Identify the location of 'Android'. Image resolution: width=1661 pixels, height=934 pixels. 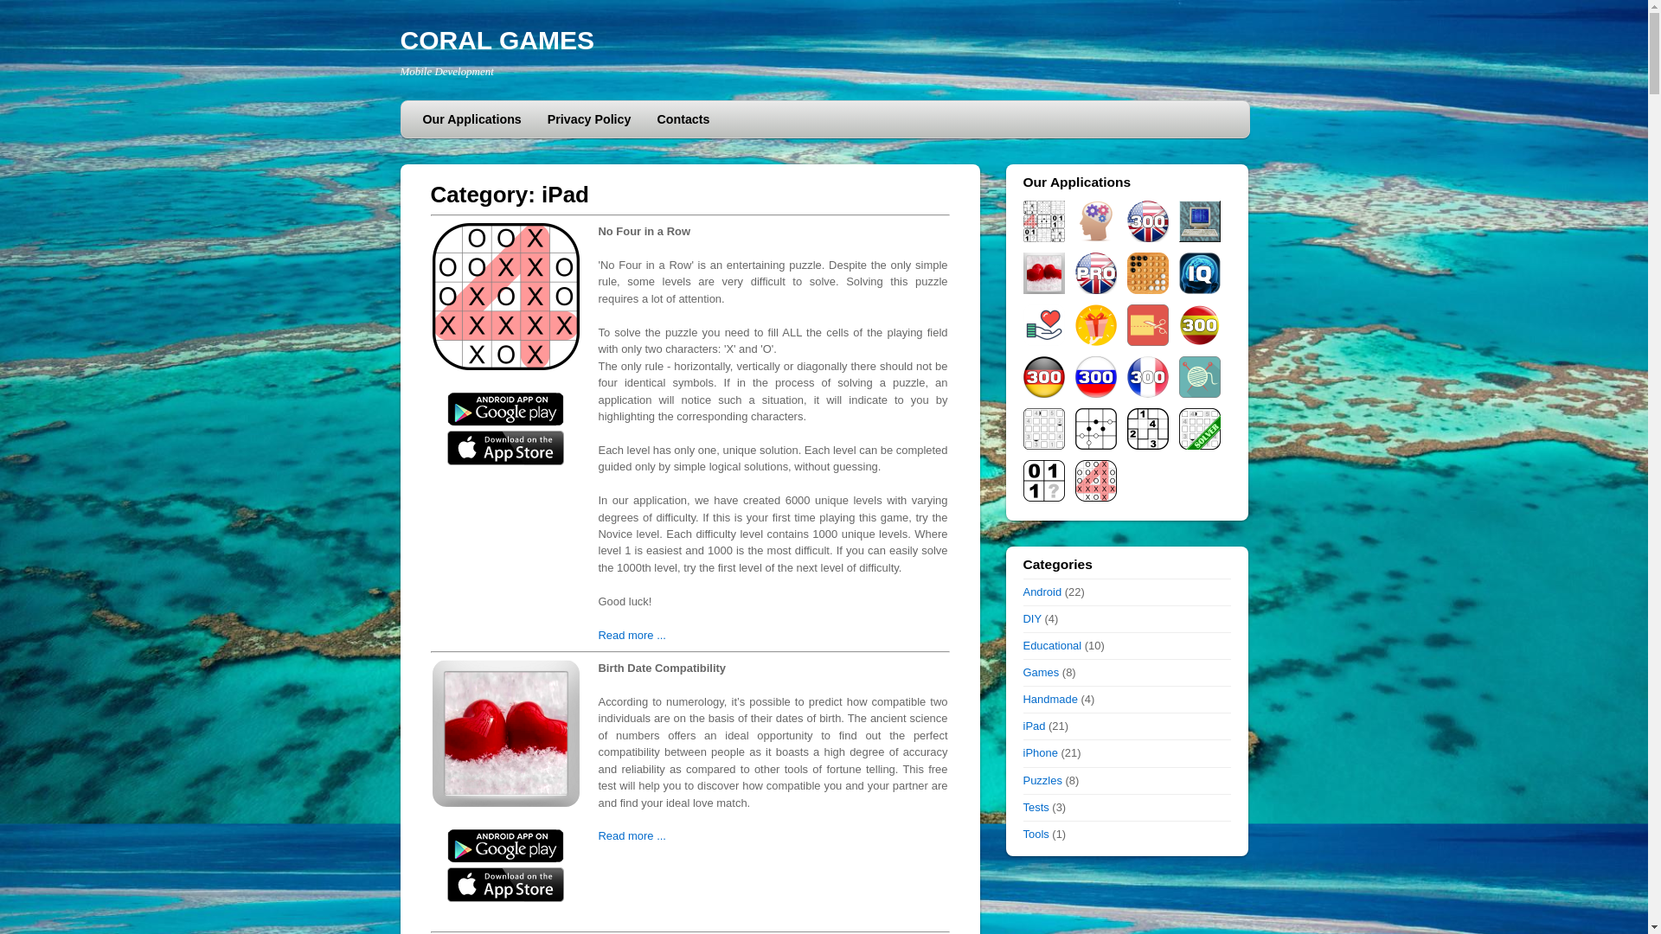
(1041, 591).